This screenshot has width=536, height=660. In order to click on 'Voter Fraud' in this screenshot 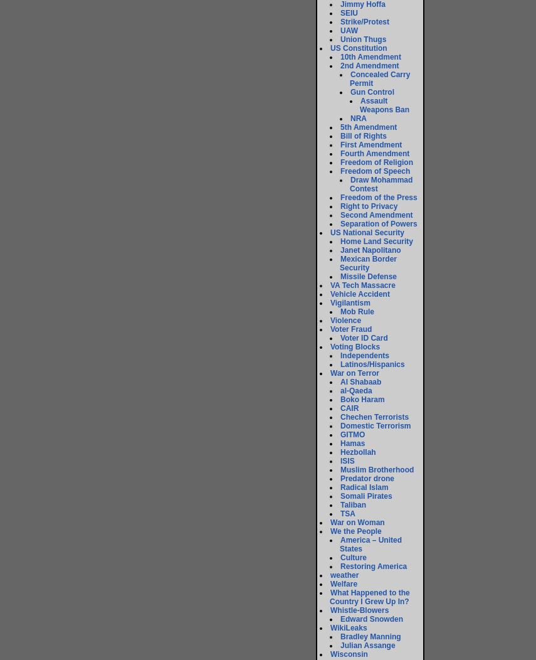, I will do `click(350, 328)`.